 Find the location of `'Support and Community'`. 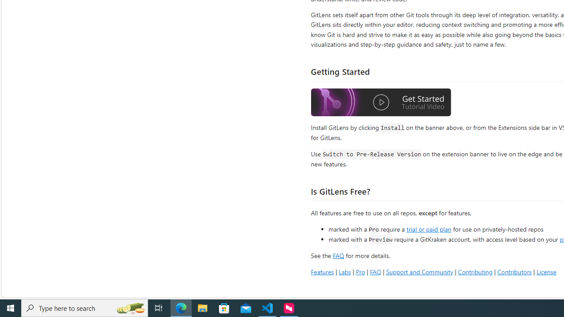

'Support and Community' is located at coordinates (419, 271).